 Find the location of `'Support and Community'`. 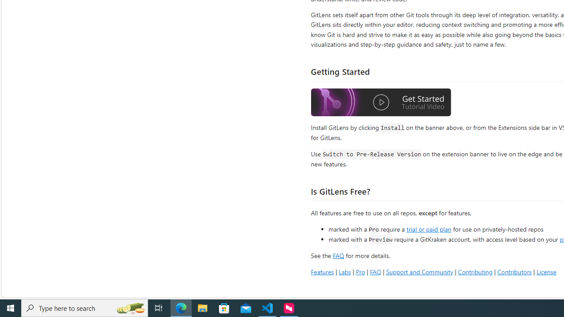

'Support and Community' is located at coordinates (419, 271).